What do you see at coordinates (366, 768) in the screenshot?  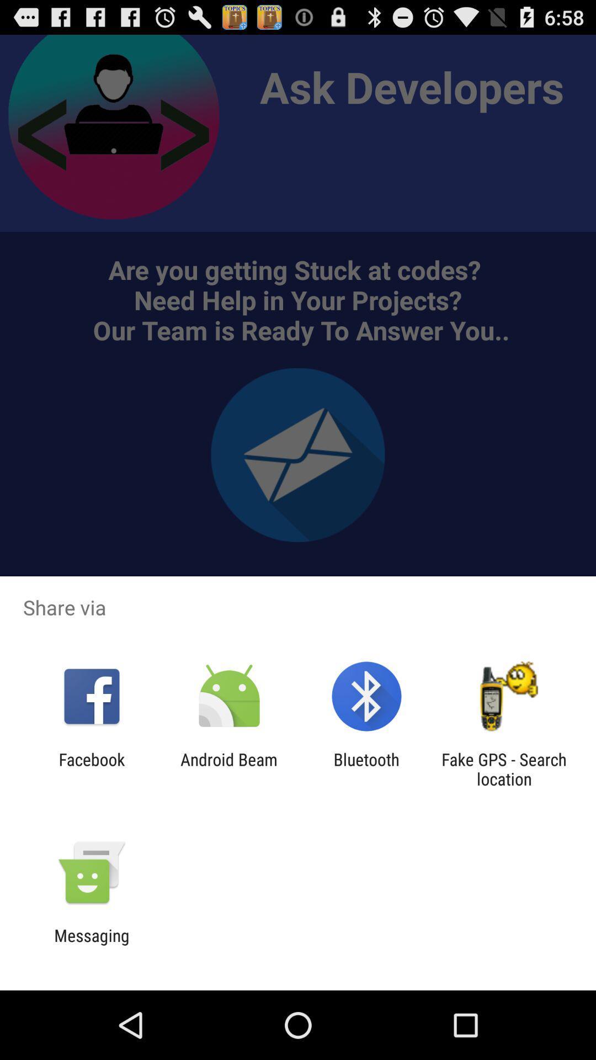 I see `the bluetooth` at bounding box center [366, 768].